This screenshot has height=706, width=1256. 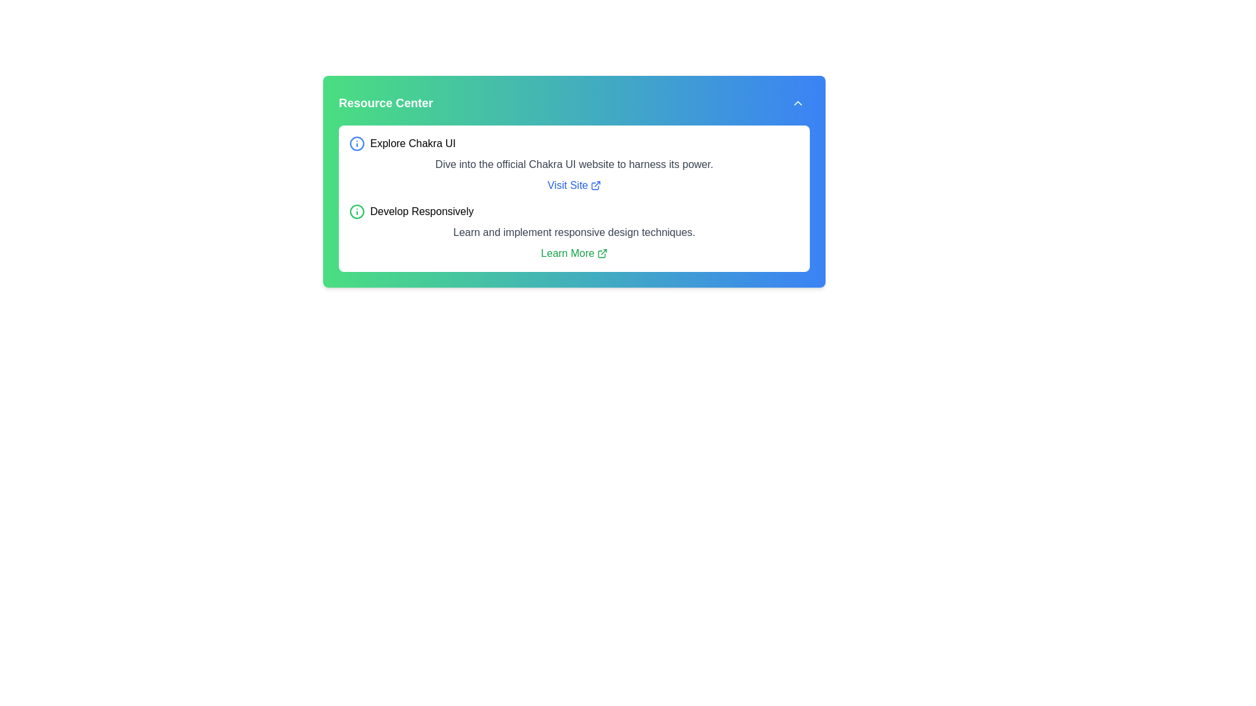 What do you see at coordinates (412, 143) in the screenshot?
I see `the title text element introducing the Chakra UI resource, which is aligned to the right of a blue circular 'i' icon in the 'Resource Center' section` at bounding box center [412, 143].